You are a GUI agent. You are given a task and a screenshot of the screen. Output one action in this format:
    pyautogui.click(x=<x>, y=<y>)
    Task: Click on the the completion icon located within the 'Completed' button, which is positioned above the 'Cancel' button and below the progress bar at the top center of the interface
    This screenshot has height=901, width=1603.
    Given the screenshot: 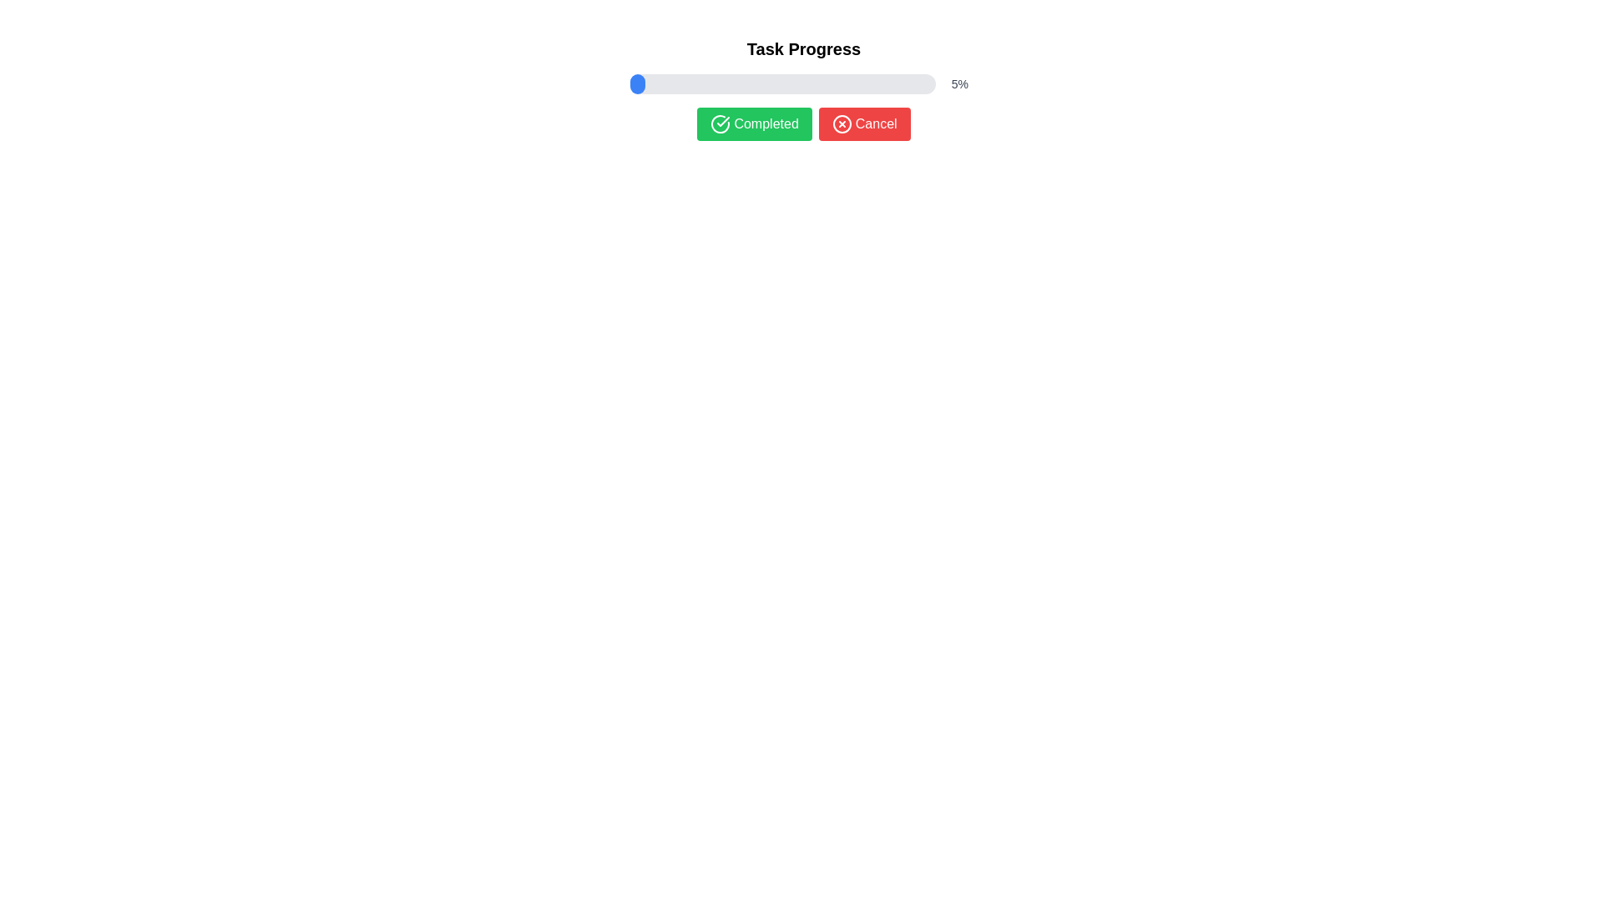 What is the action you would take?
    pyautogui.click(x=721, y=123)
    